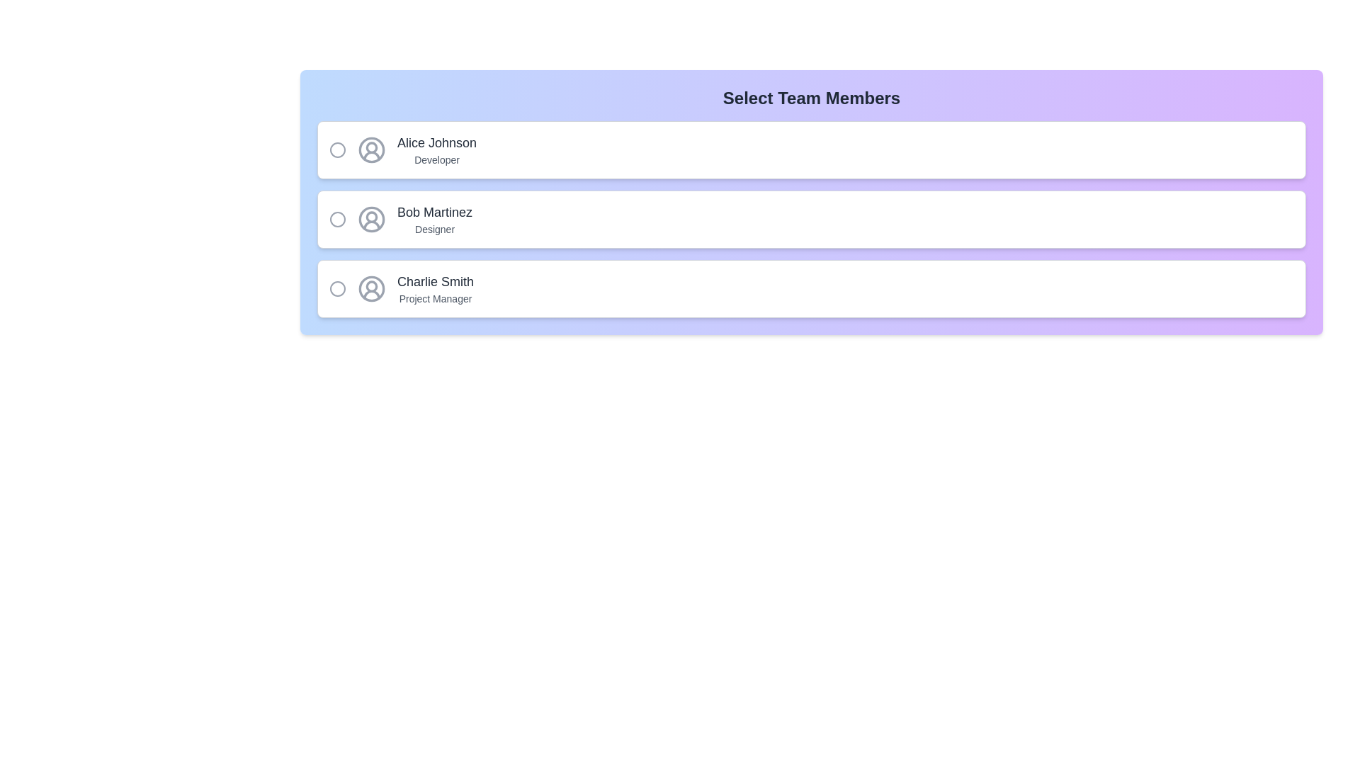 The image size is (1360, 765). Describe the element at coordinates (371, 288) in the screenshot. I see `the profile icon representing 'Charlie Smith', located as the third user icon in the list, which serves to indicate the associated person's profile` at that location.